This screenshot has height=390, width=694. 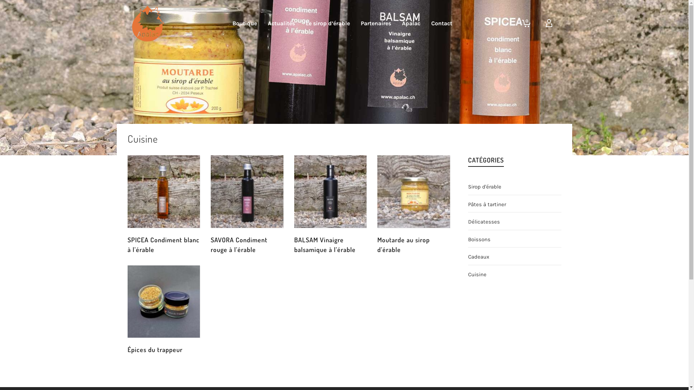 I want to click on 'Cadeaux', so click(x=479, y=256).